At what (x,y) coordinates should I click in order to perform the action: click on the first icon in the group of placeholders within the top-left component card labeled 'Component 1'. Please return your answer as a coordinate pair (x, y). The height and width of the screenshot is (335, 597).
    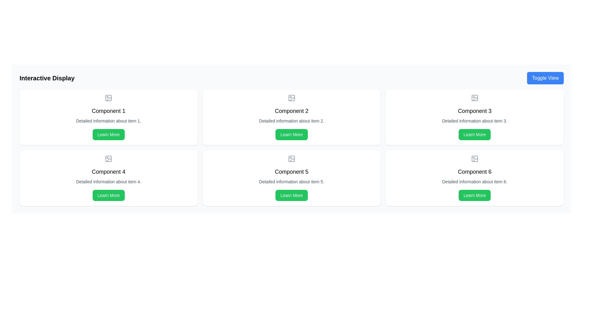
    Looking at the image, I should click on (109, 98).